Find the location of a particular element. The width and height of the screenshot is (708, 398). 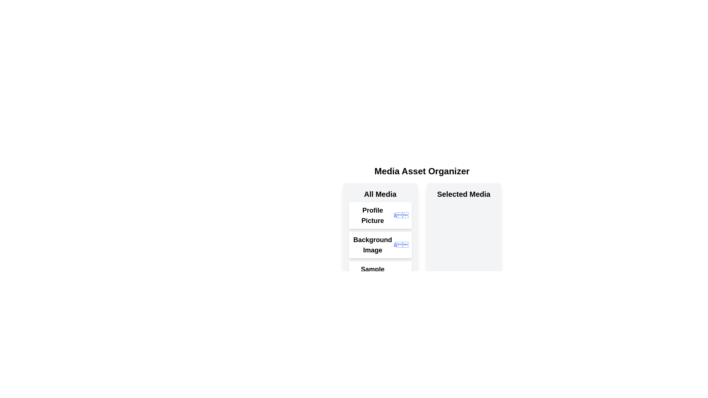

remove button for the item Profile Picture in 'Selected Media' to transfer it back to 'All Media' is located at coordinates (401, 216).